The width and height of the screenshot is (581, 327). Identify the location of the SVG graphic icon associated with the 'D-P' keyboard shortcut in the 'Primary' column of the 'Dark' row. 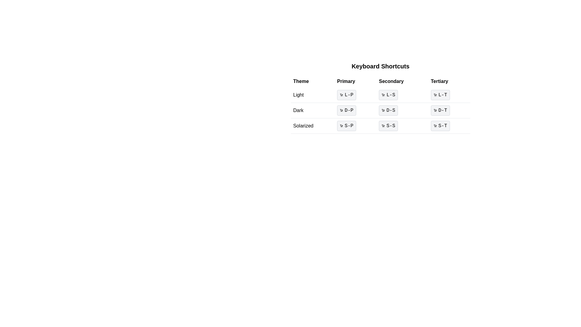
(341, 110).